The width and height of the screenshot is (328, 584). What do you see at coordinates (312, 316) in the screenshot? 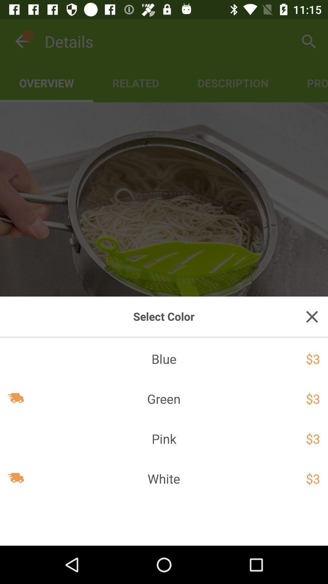
I see `close` at bounding box center [312, 316].